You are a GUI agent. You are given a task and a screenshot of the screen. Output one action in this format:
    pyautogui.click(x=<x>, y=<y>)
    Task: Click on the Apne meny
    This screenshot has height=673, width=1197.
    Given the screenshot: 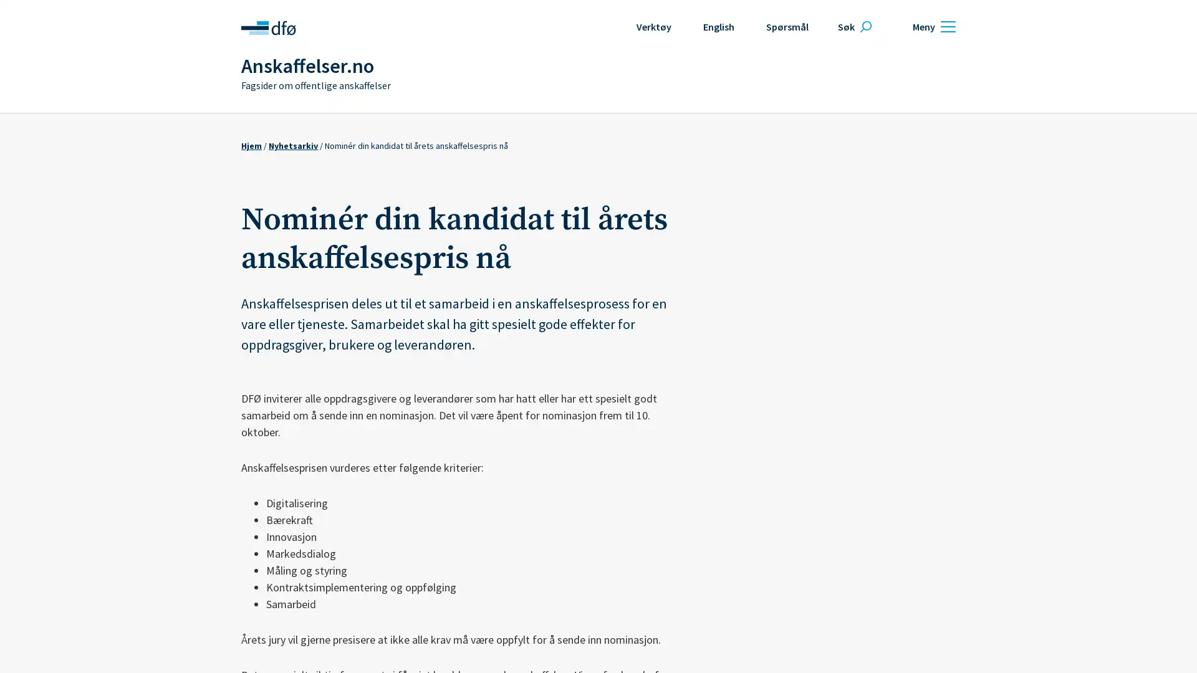 What is the action you would take?
    pyautogui.click(x=932, y=26)
    